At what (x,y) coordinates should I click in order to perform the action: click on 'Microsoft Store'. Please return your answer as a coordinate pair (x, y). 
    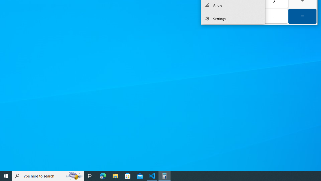
    Looking at the image, I should click on (128, 175).